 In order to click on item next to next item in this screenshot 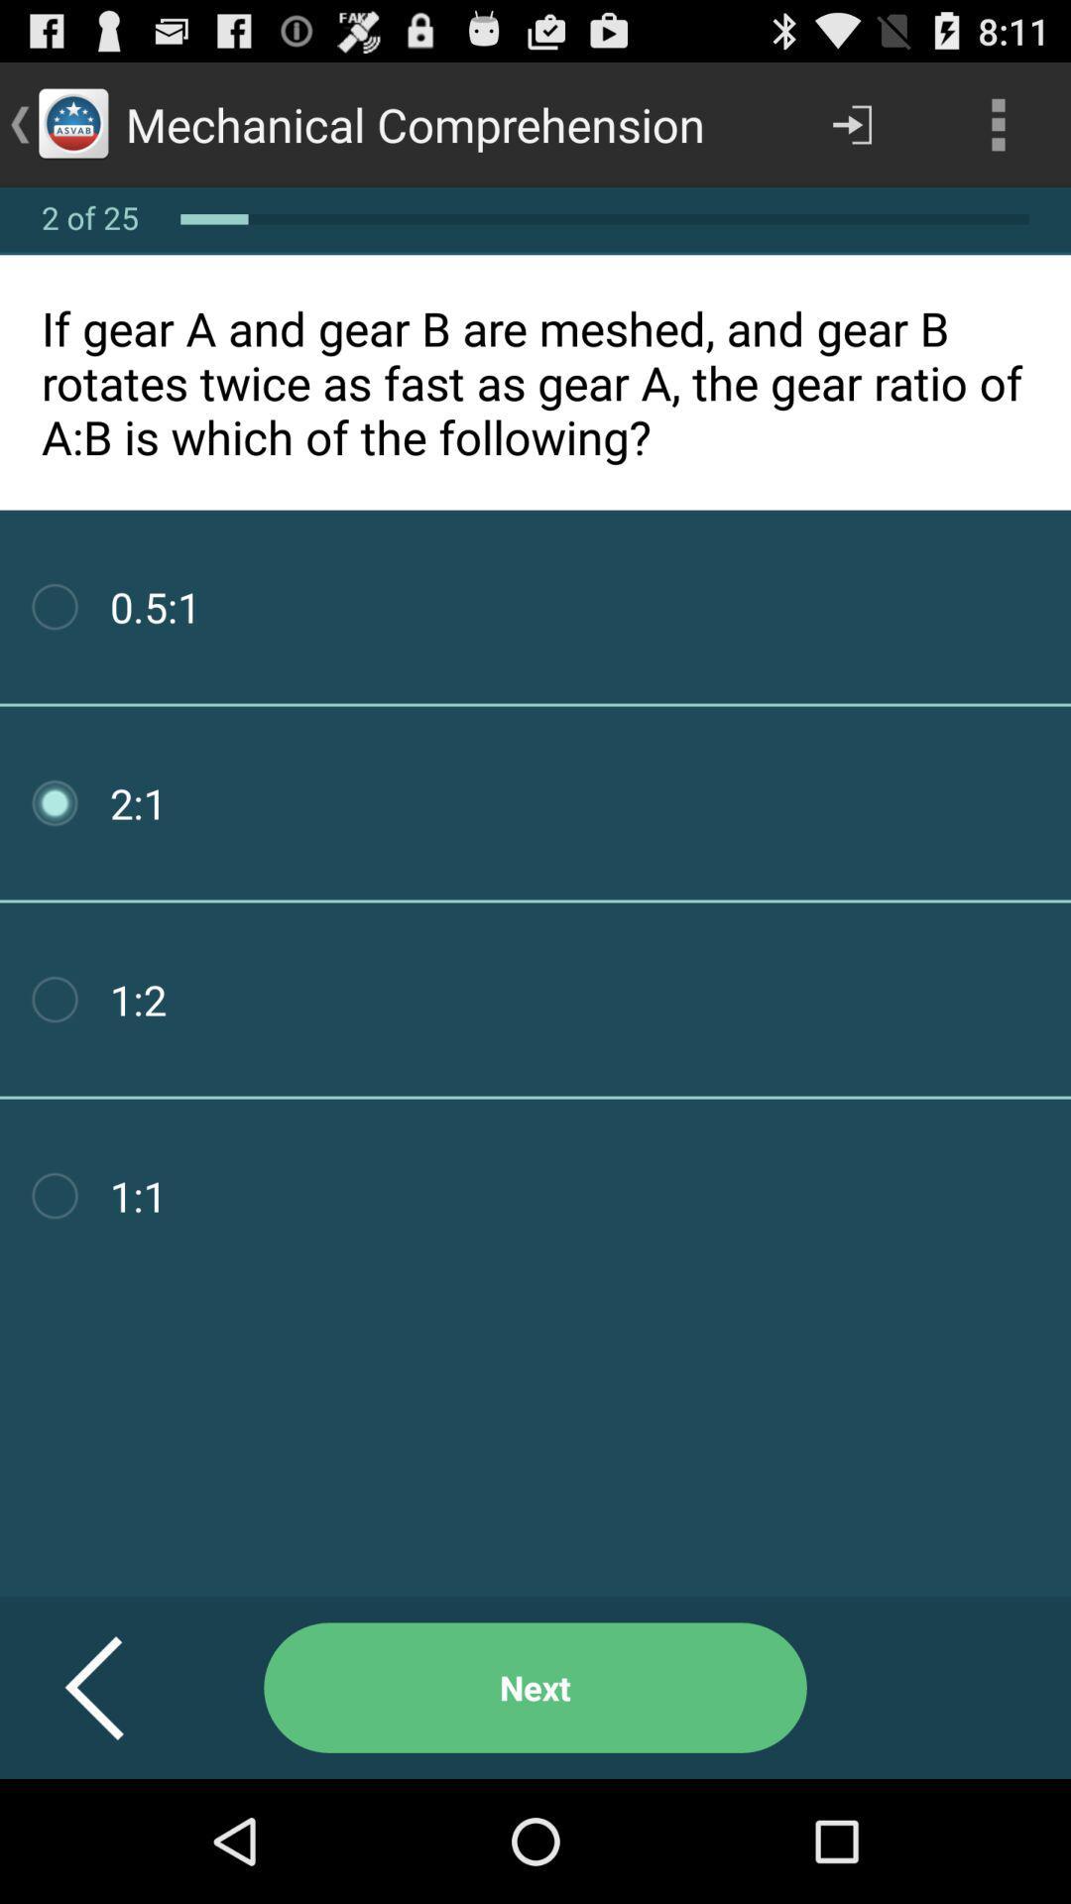, I will do `click(118, 1687)`.